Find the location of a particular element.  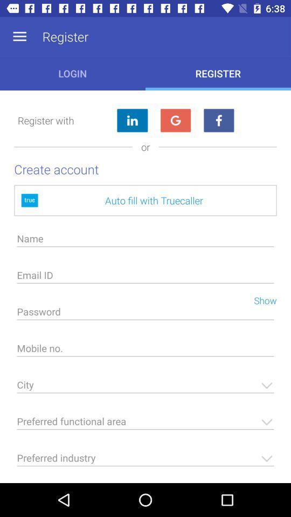

icon on the right is located at coordinates (260, 299).